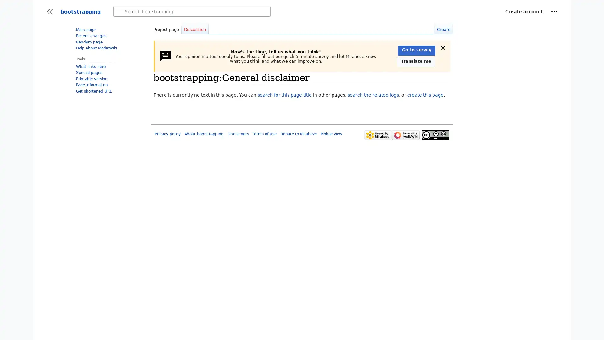  What do you see at coordinates (119, 12) in the screenshot?
I see `Go` at bounding box center [119, 12].